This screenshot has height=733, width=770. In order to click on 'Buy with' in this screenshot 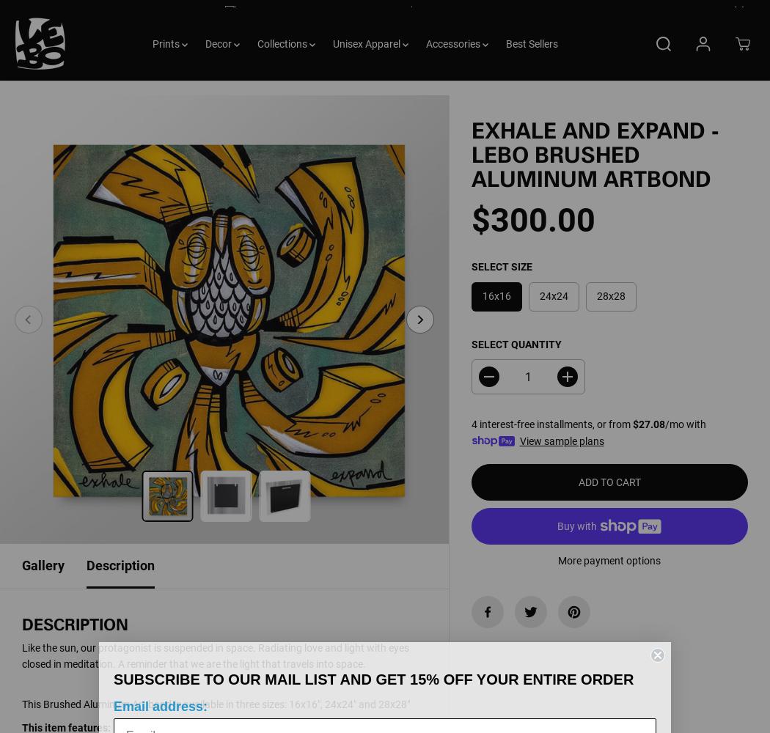, I will do `click(557, 525)`.